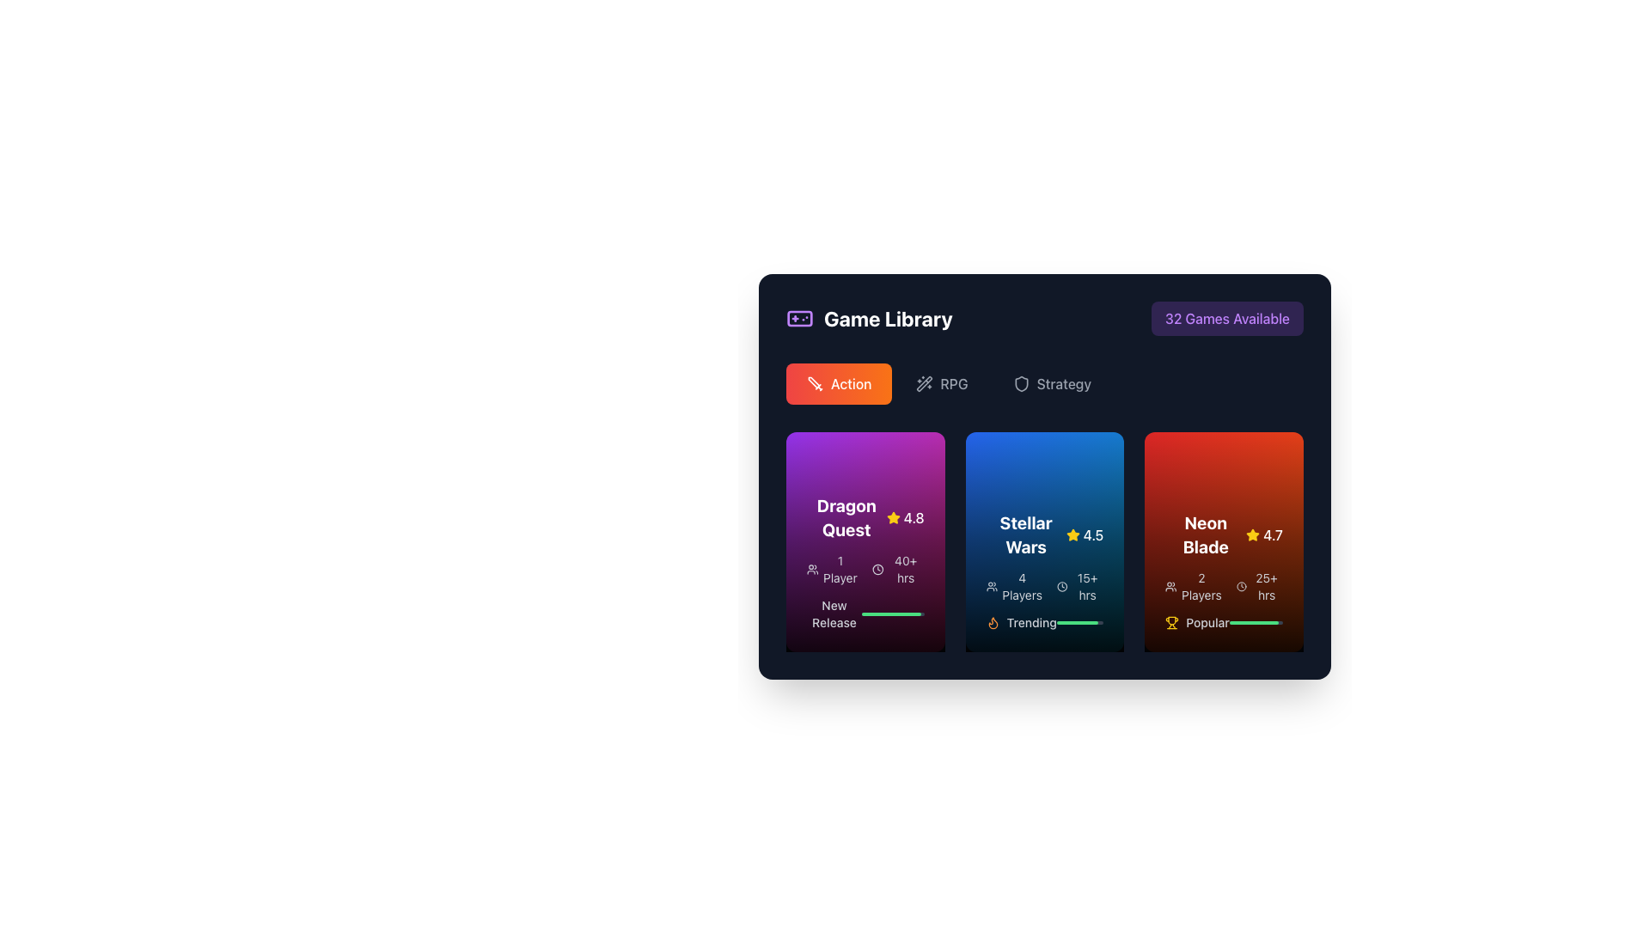  I want to click on the wand icon with sparkles, so click(924, 383).